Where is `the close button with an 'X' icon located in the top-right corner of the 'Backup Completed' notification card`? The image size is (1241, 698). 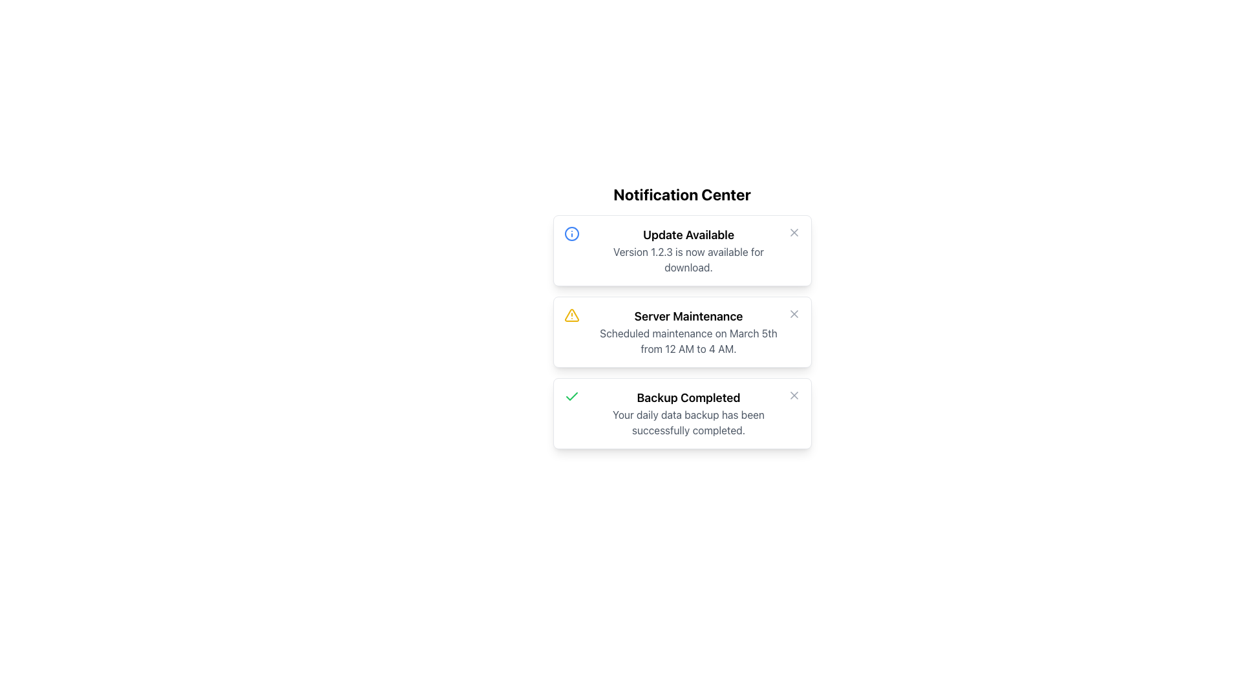
the close button with an 'X' icon located in the top-right corner of the 'Backup Completed' notification card is located at coordinates (793, 395).